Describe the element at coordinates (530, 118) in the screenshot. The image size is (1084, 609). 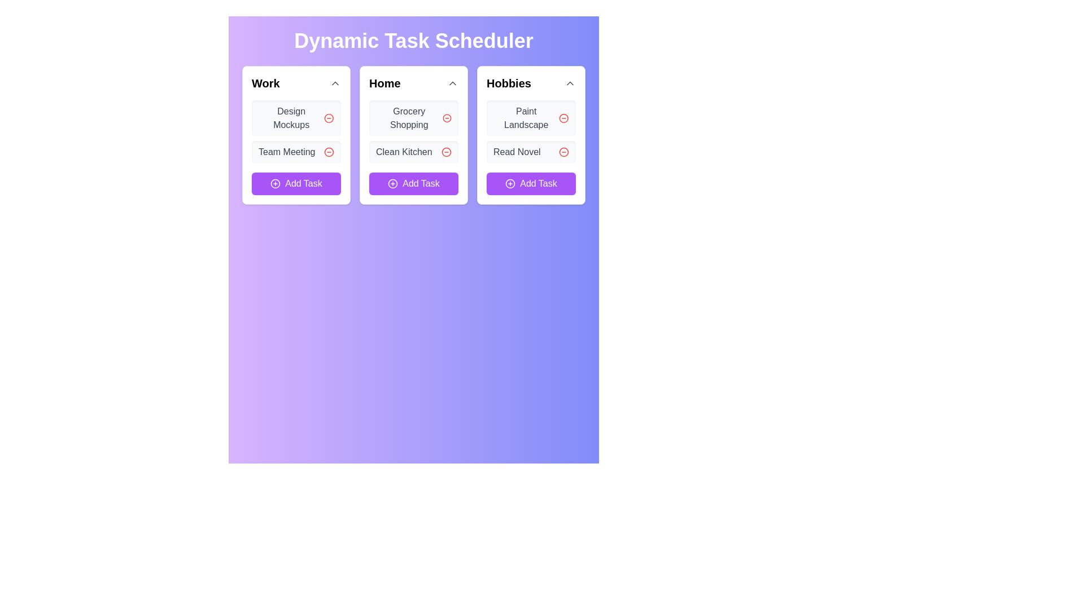
I see `the 'Paint Landscape' task item in the Hobbies section` at that location.